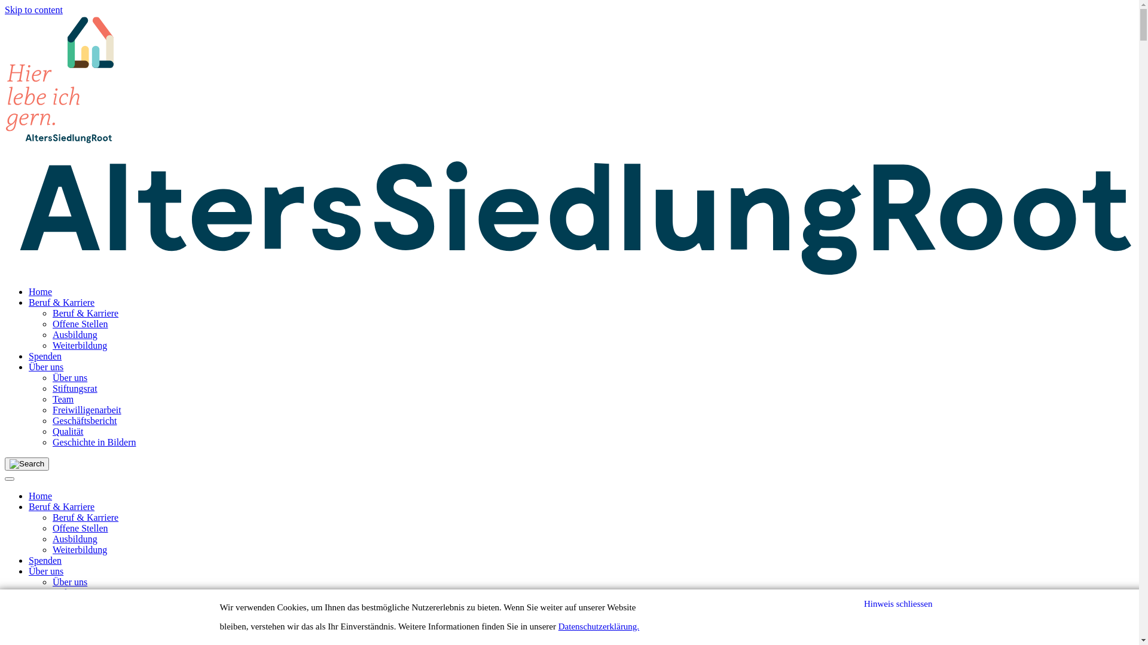 Image resolution: width=1148 pixels, height=645 pixels. Describe the element at coordinates (74, 388) in the screenshot. I see `'Stiftungsrat'` at that location.